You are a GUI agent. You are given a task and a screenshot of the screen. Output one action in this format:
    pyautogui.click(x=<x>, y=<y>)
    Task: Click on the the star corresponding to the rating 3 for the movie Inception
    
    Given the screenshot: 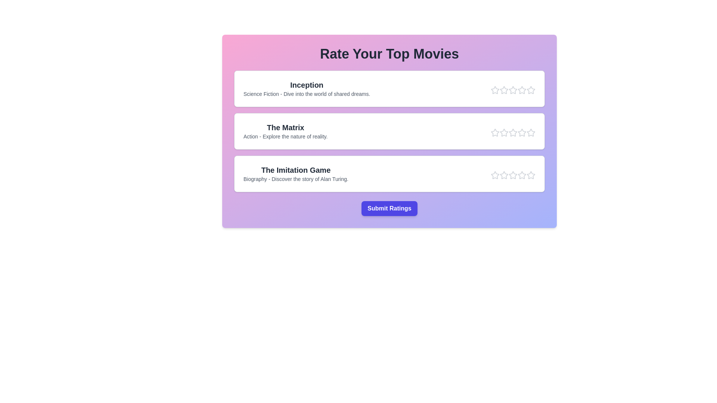 What is the action you would take?
    pyautogui.click(x=512, y=90)
    